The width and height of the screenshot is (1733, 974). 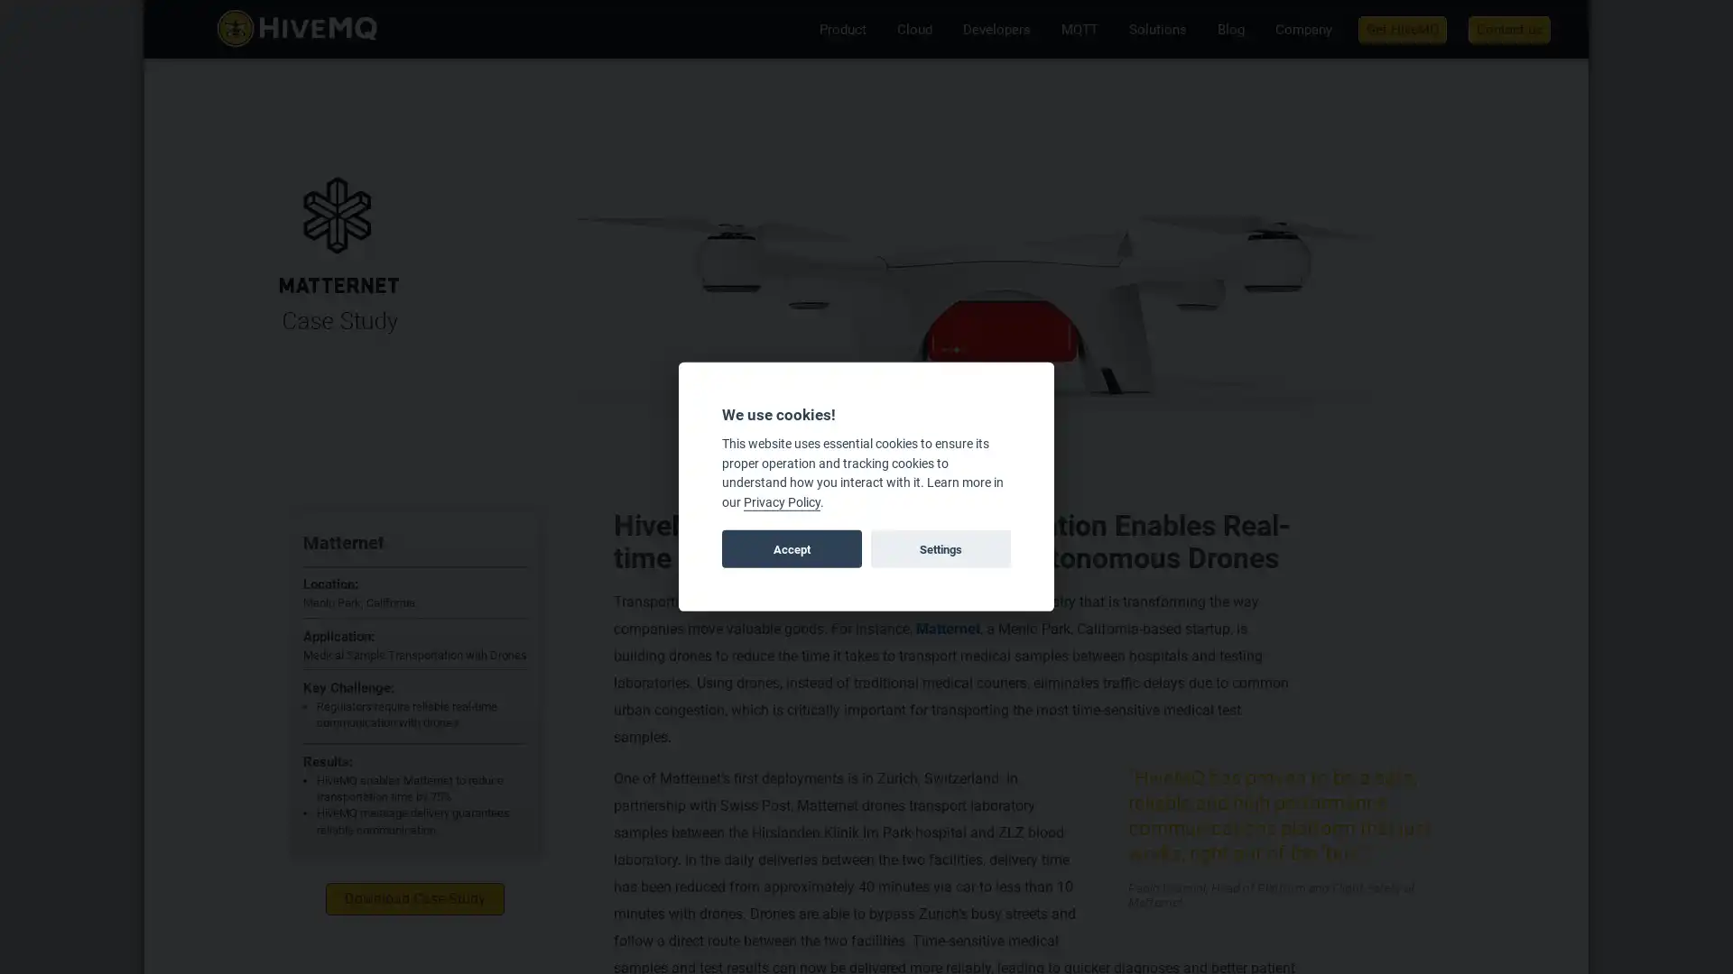 I want to click on Get HiveMQ, so click(x=1402, y=28).